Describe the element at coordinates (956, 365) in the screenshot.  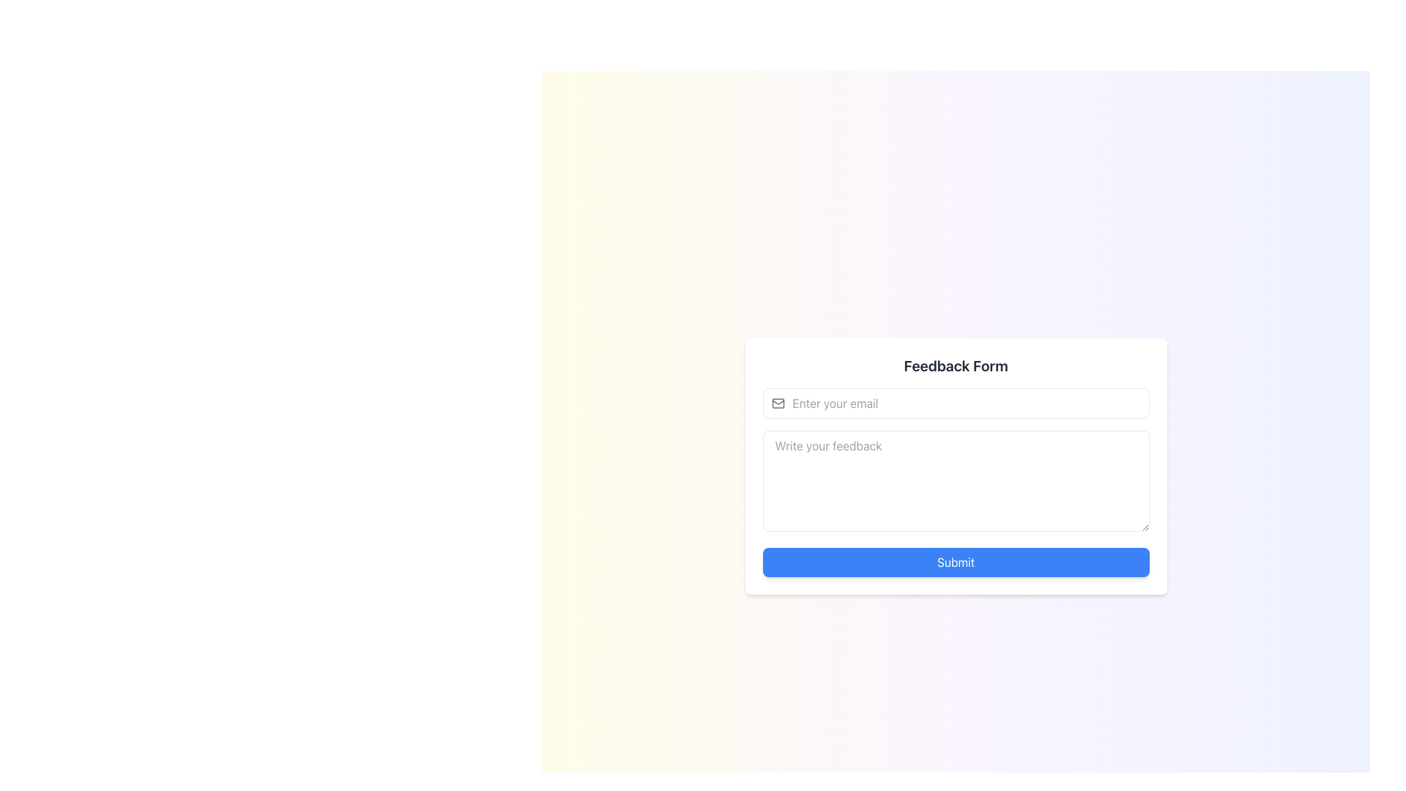
I see `the large, bold header text 'Feedback Form' which is centered above the input form in the card-like interface` at that location.